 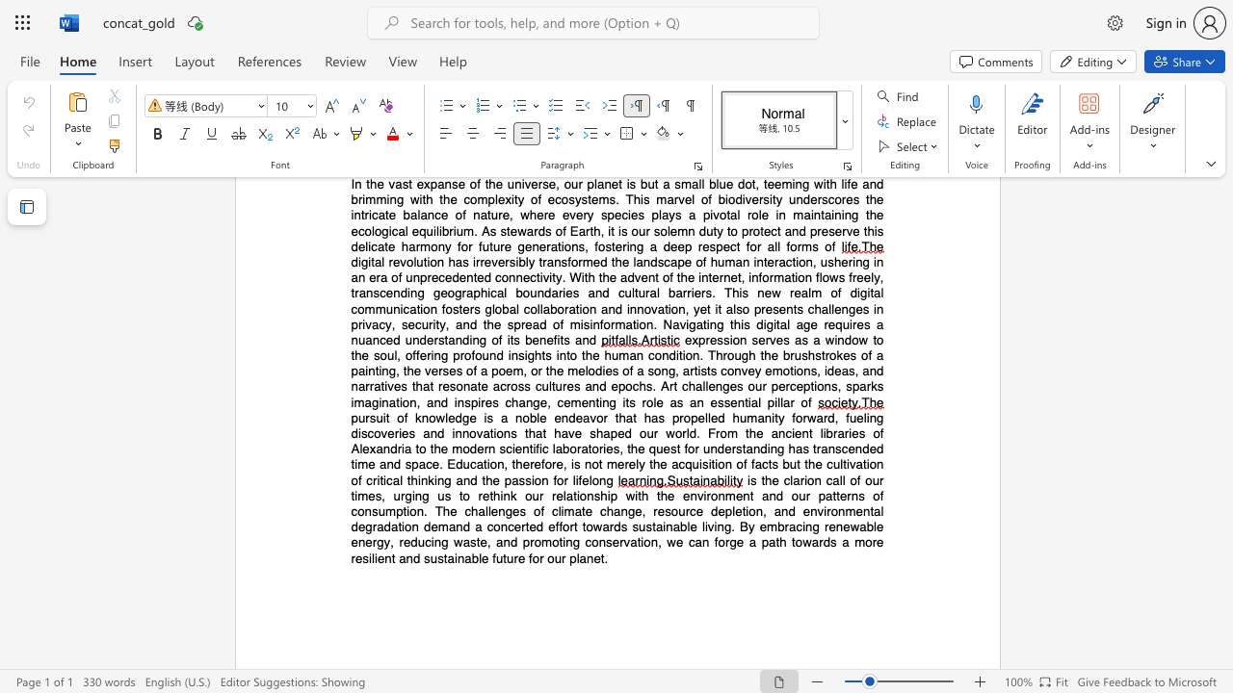 What do you see at coordinates (652, 464) in the screenshot?
I see `the subset text "he acquisition of facts but the cultivation of critical thinking and" within the text "pursuit of knowledge is a noble endeavor that has propelled humanity forward, fueling discoveries and innovations that have shaped our world. From the ancient libraries of Alexandria to the modern scientific laboratories, the quest for understanding has transcended time and space. Education, therefore, is not merely the acquisition of facts but the cultivation of critical thinking and the passion for lifelong"` at bounding box center [652, 464].